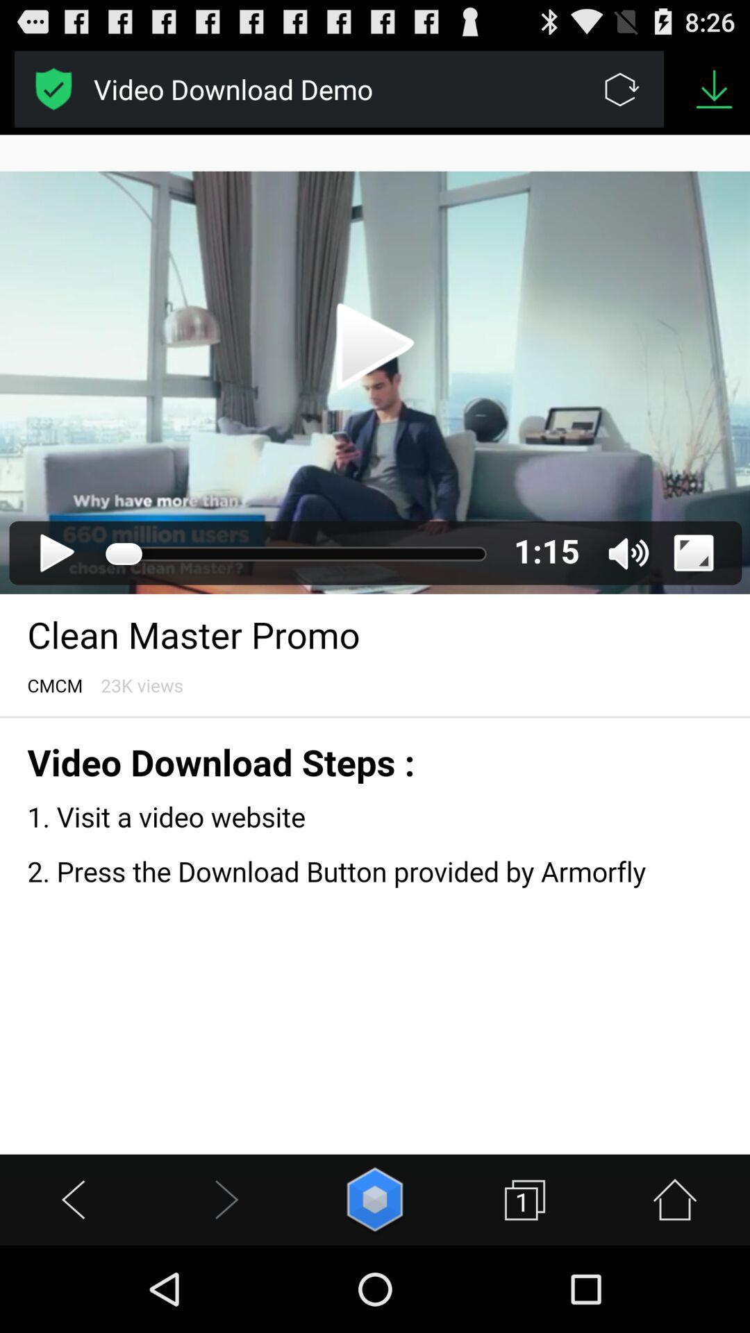 The image size is (750, 1333). Describe the element at coordinates (53, 88) in the screenshot. I see `ok` at that location.